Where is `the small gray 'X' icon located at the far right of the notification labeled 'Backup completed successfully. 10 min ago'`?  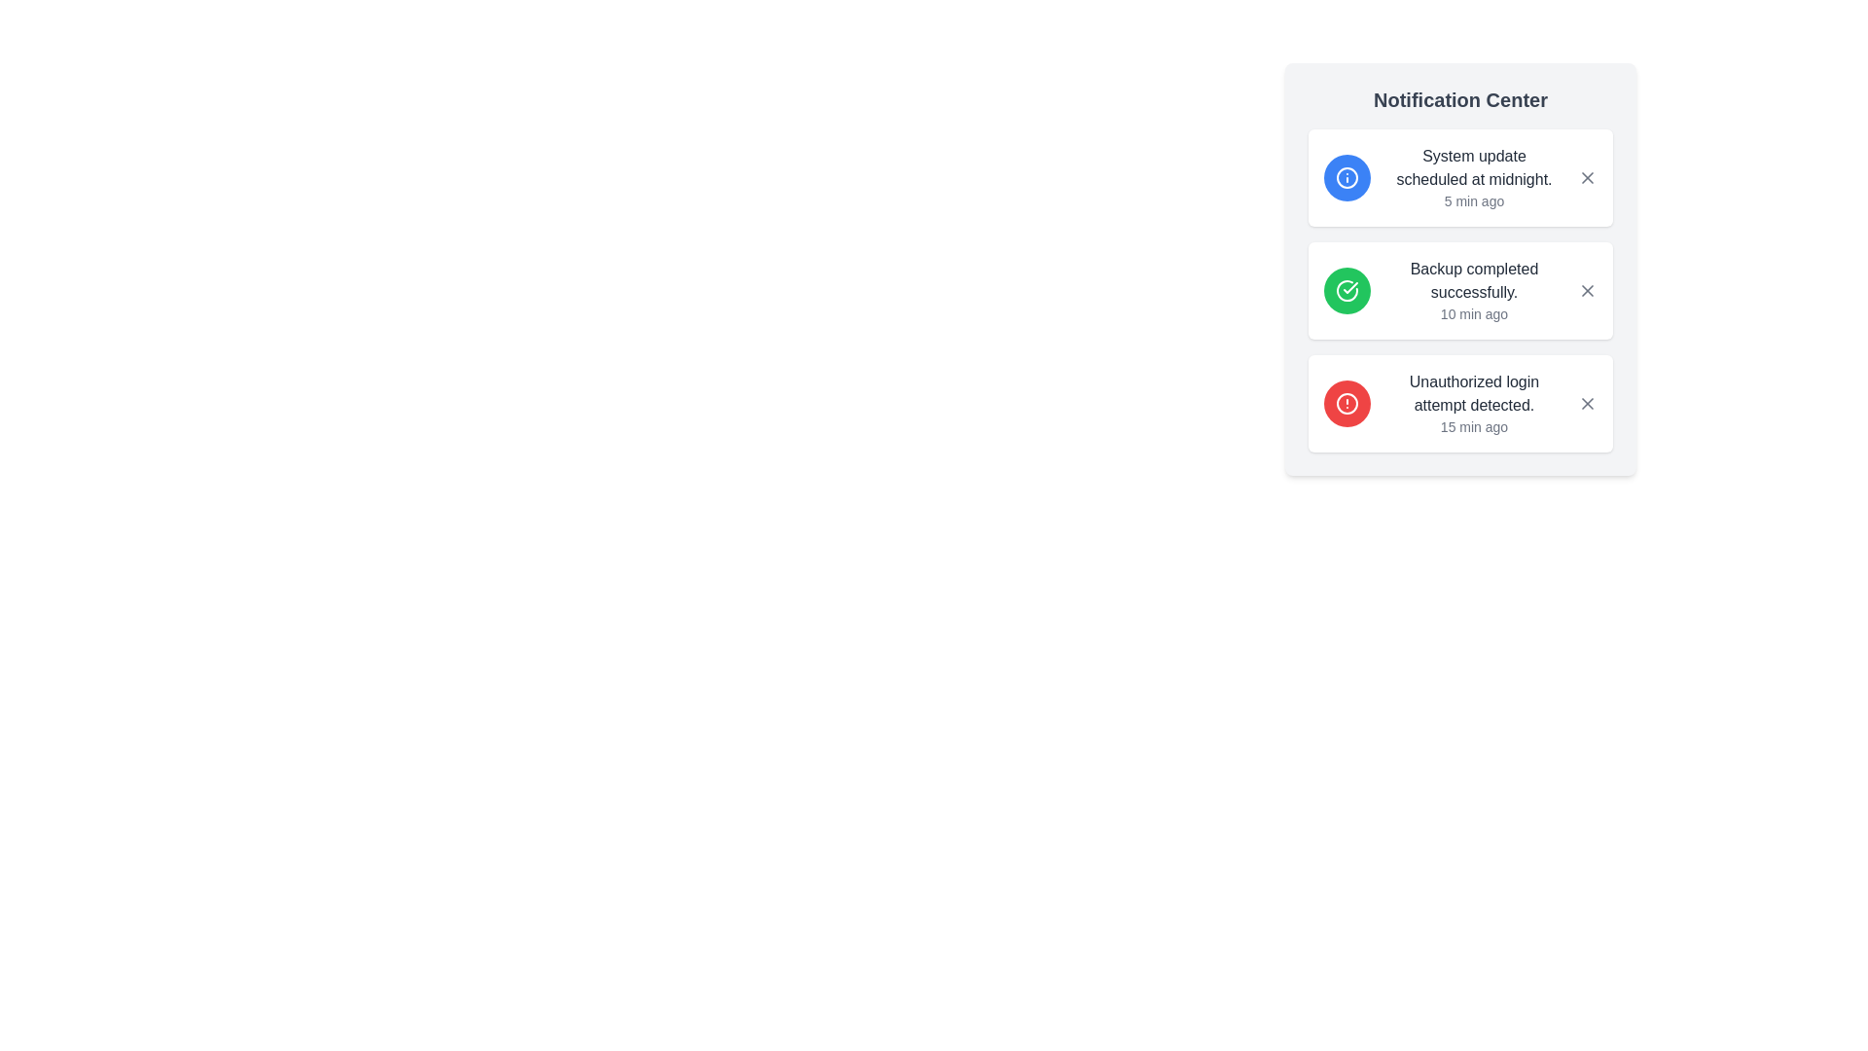
the small gray 'X' icon located at the far right of the notification labeled 'Backup completed successfully. 10 min ago' is located at coordinates (1588, 291).